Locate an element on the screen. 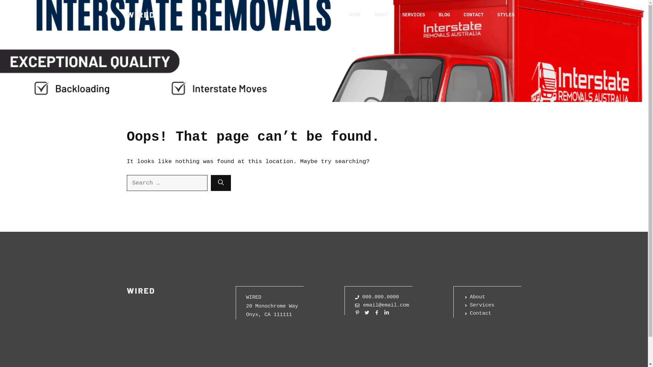  'Search for:' is located at coordinates (127, 183).